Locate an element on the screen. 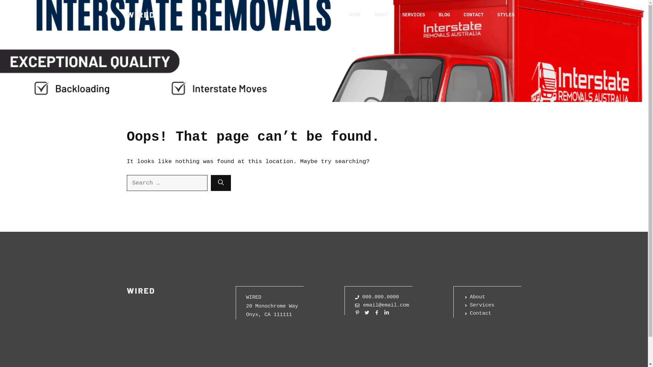  'Search for:' is located at coordinates (127, 183).